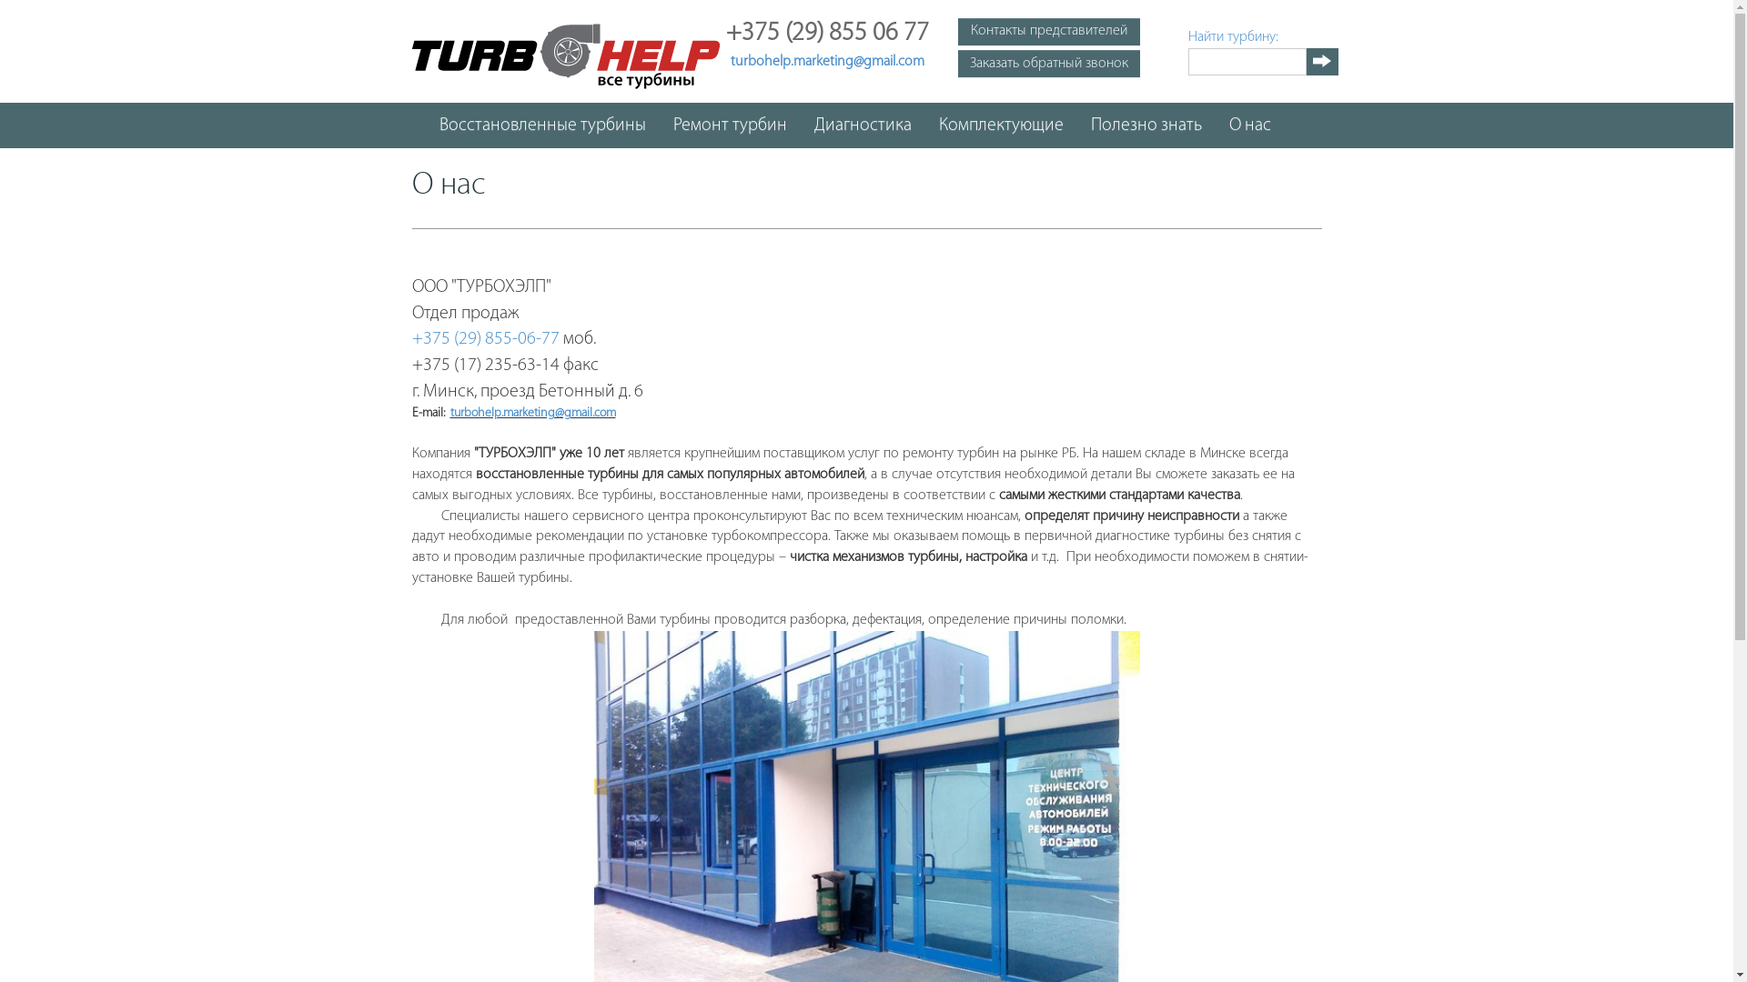 Image resolution: width=1747 pixels, height=982 pixels. Describe the element at coordinates (531, 413) in the screenshot. I see `'turbohelp.marketing@gmail.com'` at that location.